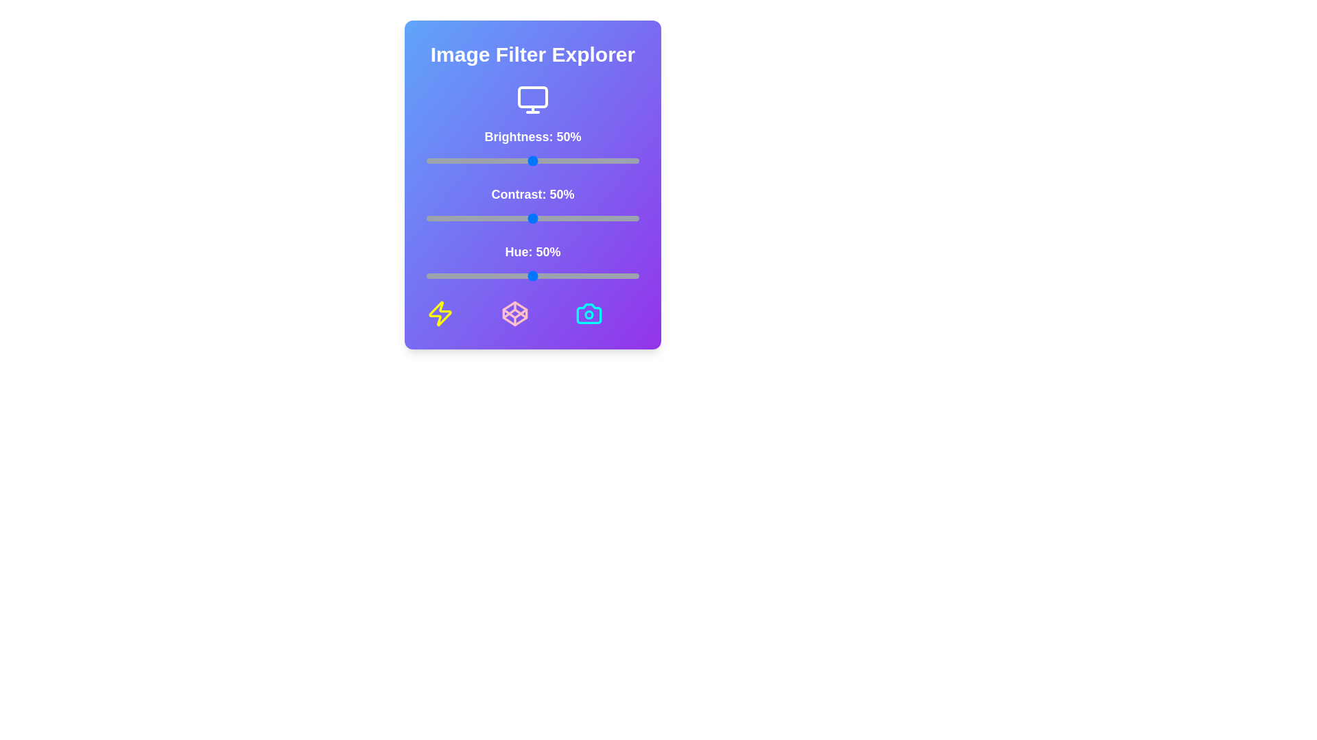 Image resolution: width=1317 pixels, height=740 pixels. What do you see at coordinates (589, 314) in the screenshot?
I see `the camera icon` at bounding box center [589, 314].